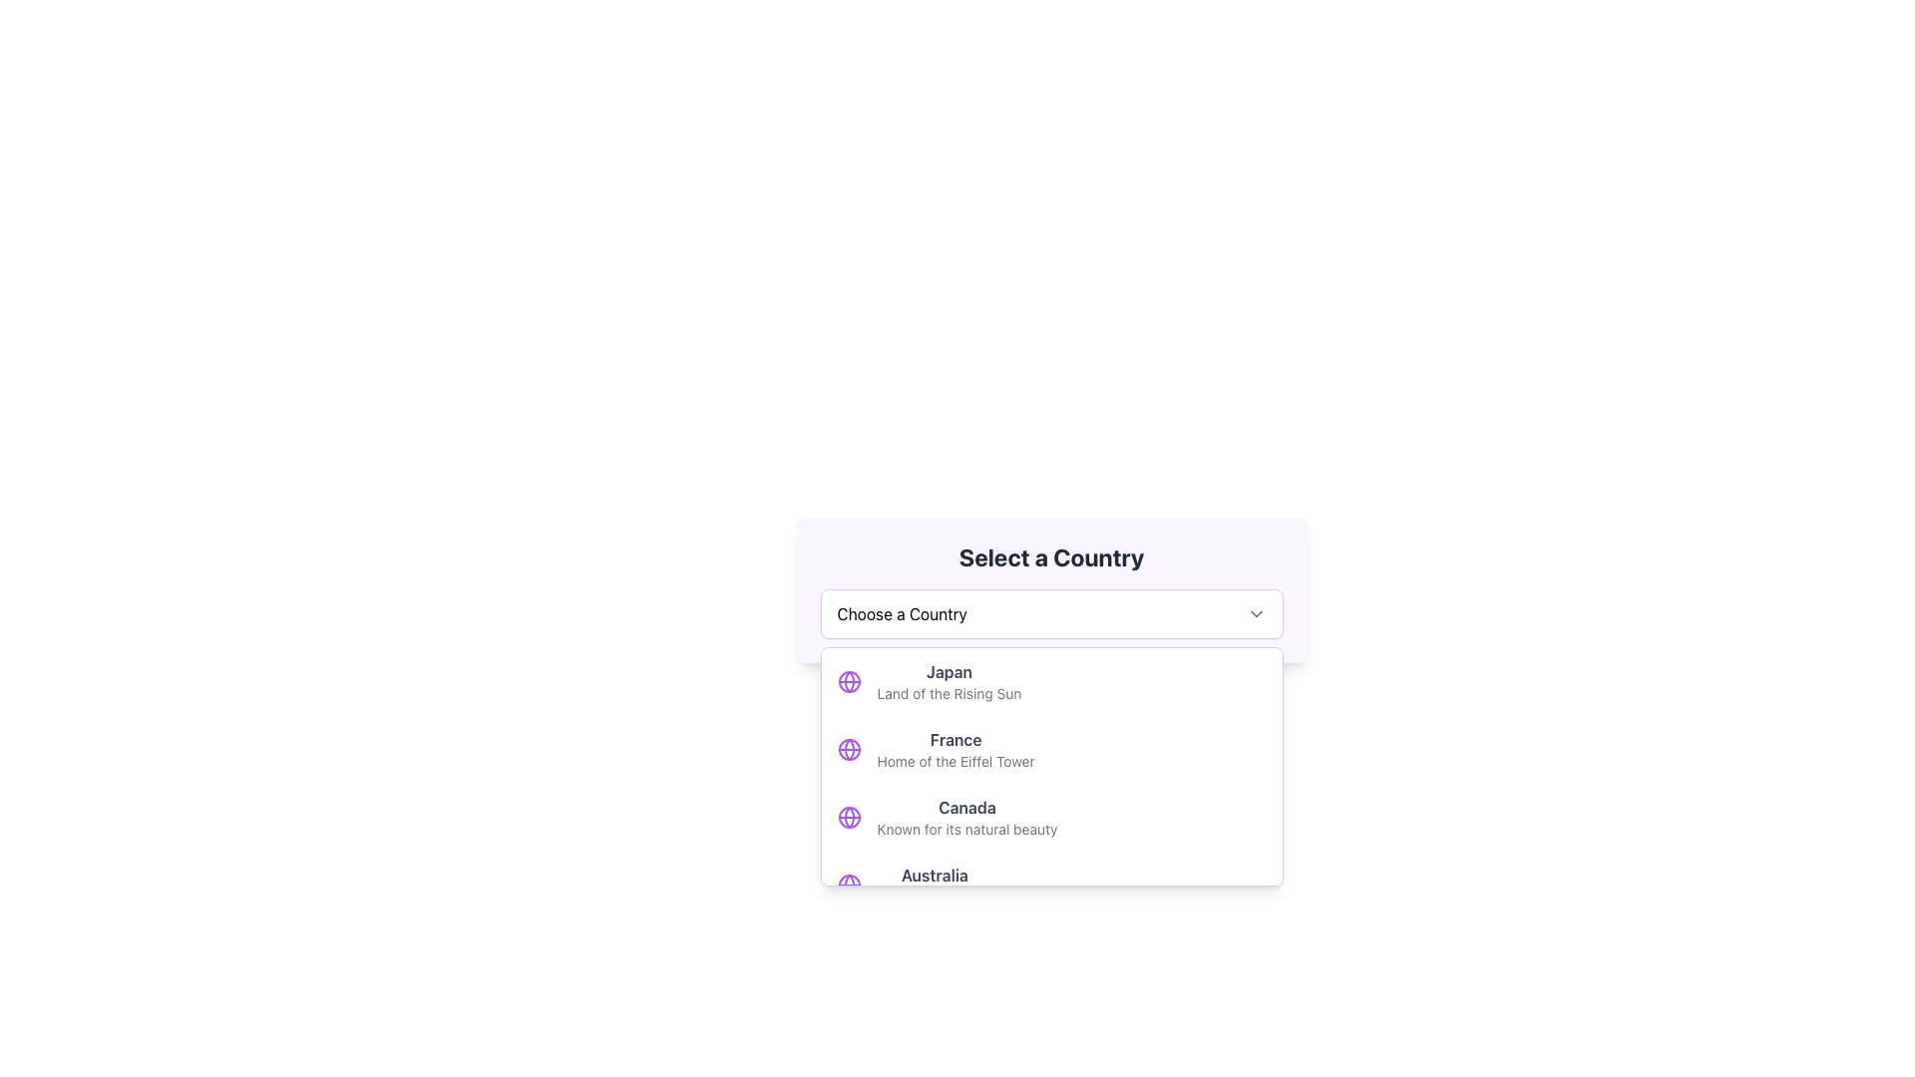 This screenshot has height=1077, width=1915. What do you see at coordinates (933, 875) in the screenshot?
I see `the 'Australia' text label in the dropdown menu` at bounding box center [933, 875].